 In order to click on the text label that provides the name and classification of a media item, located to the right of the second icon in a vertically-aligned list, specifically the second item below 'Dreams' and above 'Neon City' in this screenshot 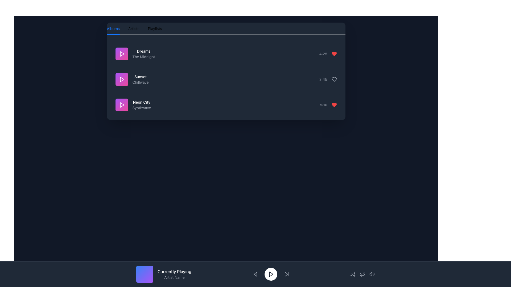, I will do `click(141, 79)`.